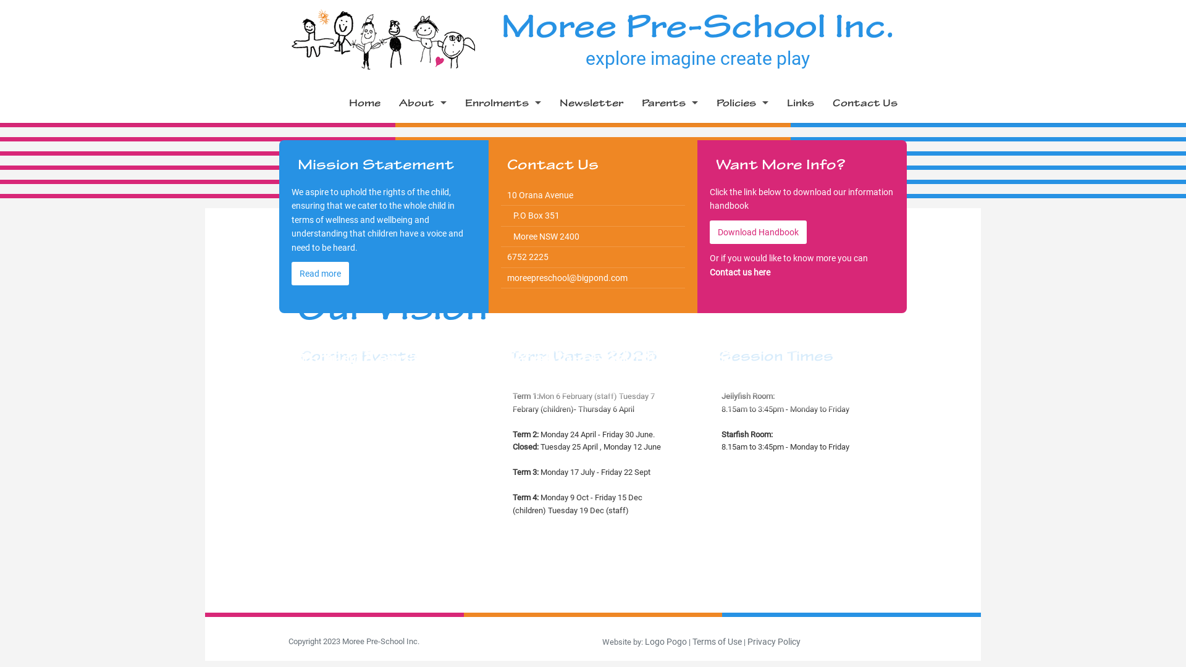 The image size is (1186, 667). I want to click on 'Newsletter', so click(591, 102).